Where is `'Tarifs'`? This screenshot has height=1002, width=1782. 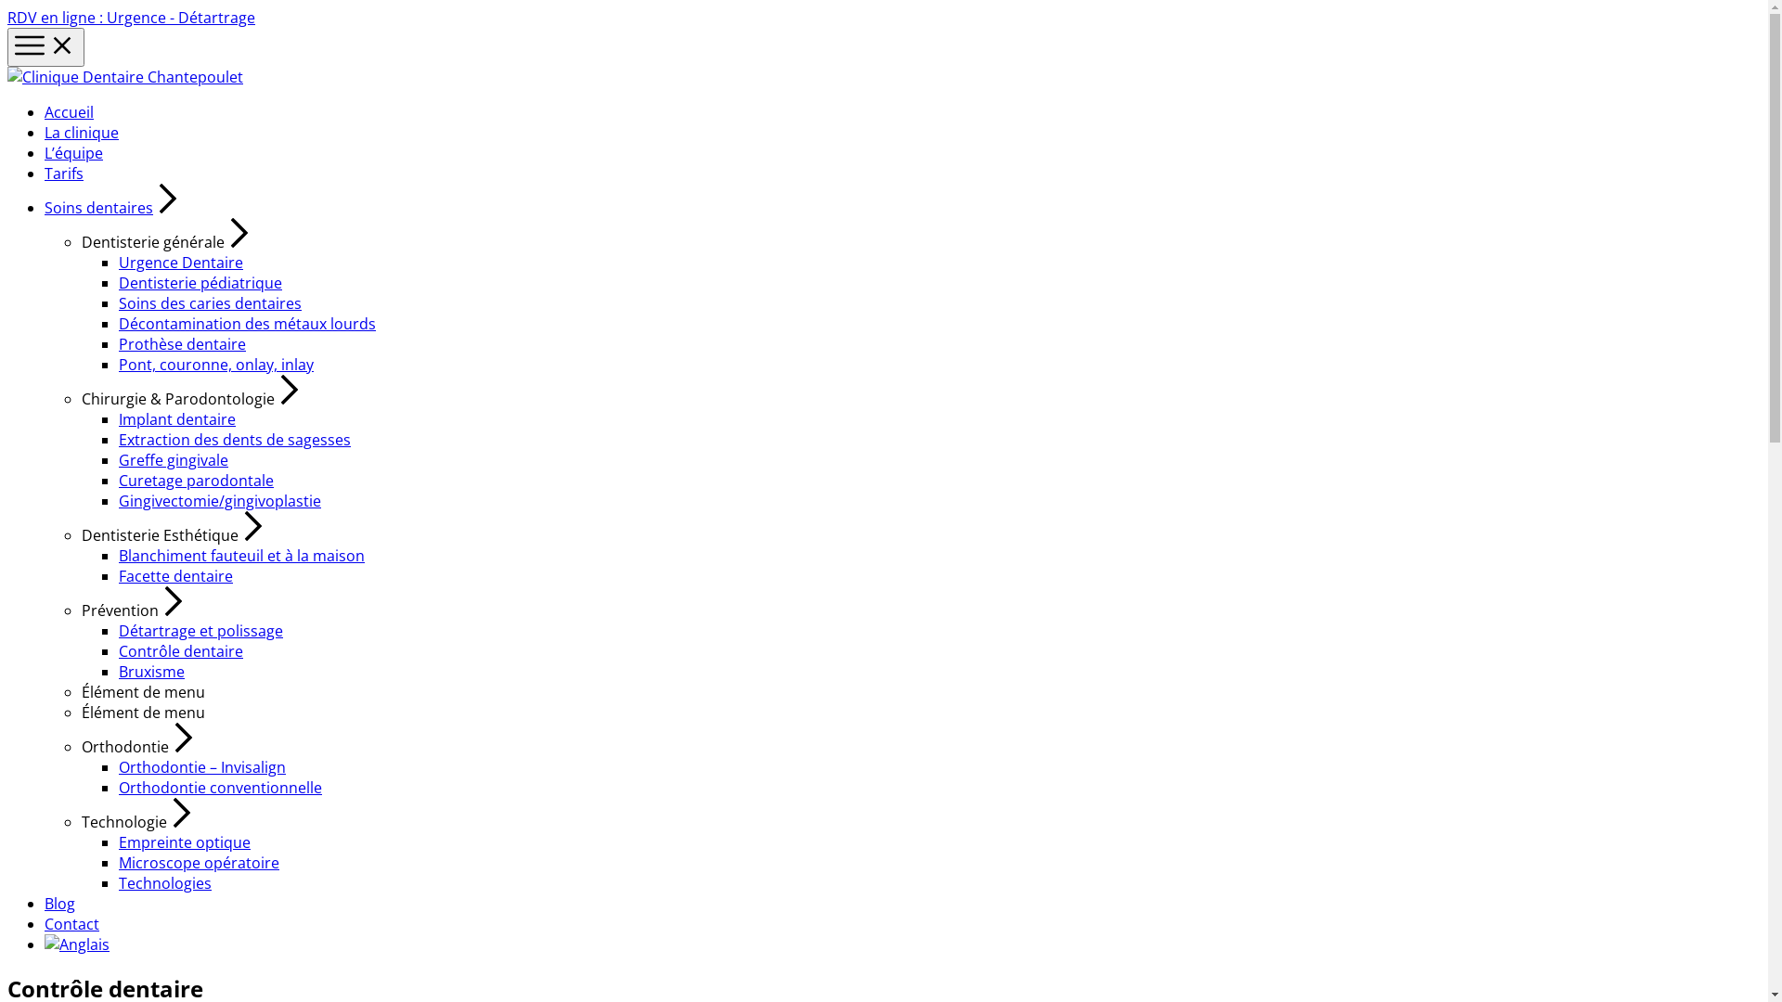
'Tarifs' is located at coordinates (63, 173).